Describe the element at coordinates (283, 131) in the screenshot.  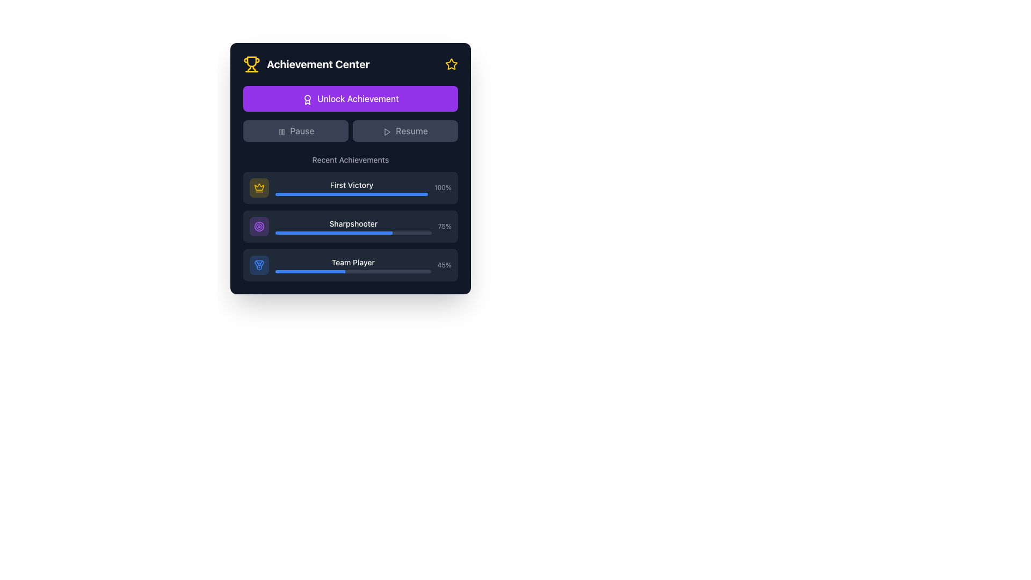
I see `the right vertical bar of the pause icon located in the Achievement Center interface` at that location.